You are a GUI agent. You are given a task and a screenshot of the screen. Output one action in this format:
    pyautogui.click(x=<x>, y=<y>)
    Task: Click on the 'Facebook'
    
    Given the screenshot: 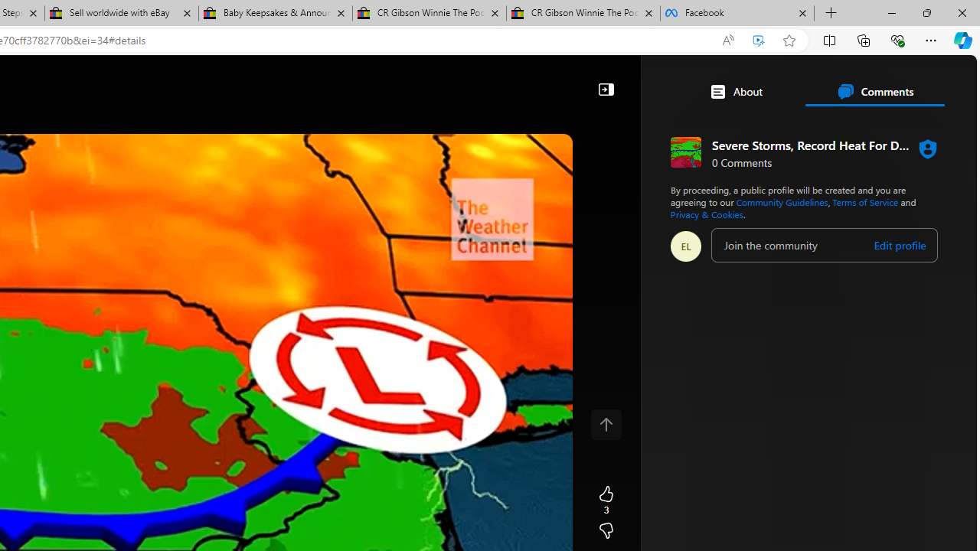 What is the action you would take?
    pyautogui.click(x=737, y=13)
    